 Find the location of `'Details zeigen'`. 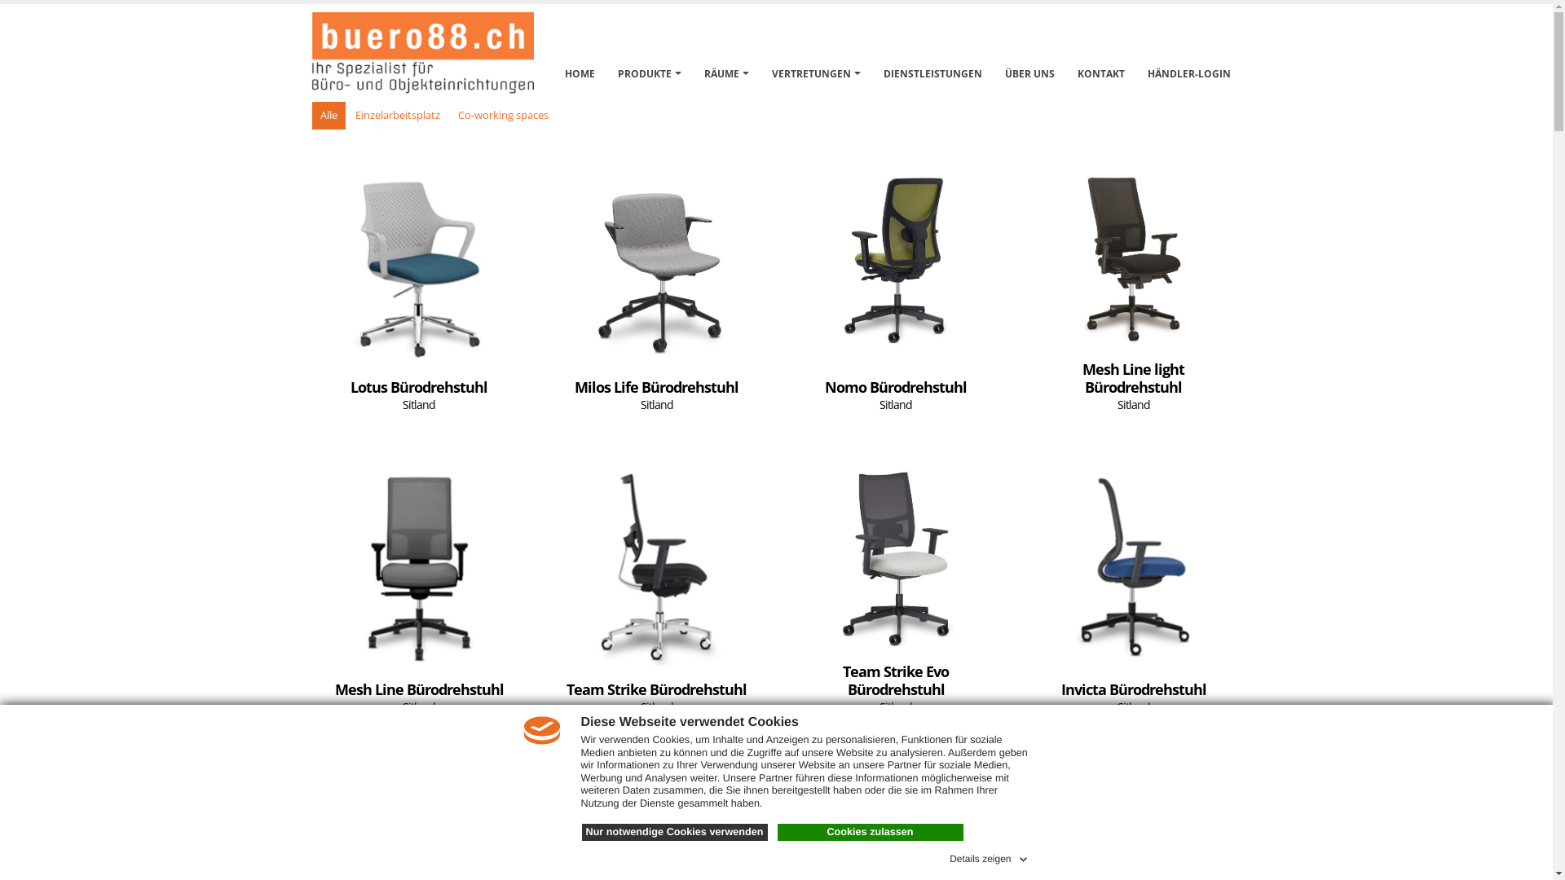

'Details zeigen' is located at coordinates (989, 855).